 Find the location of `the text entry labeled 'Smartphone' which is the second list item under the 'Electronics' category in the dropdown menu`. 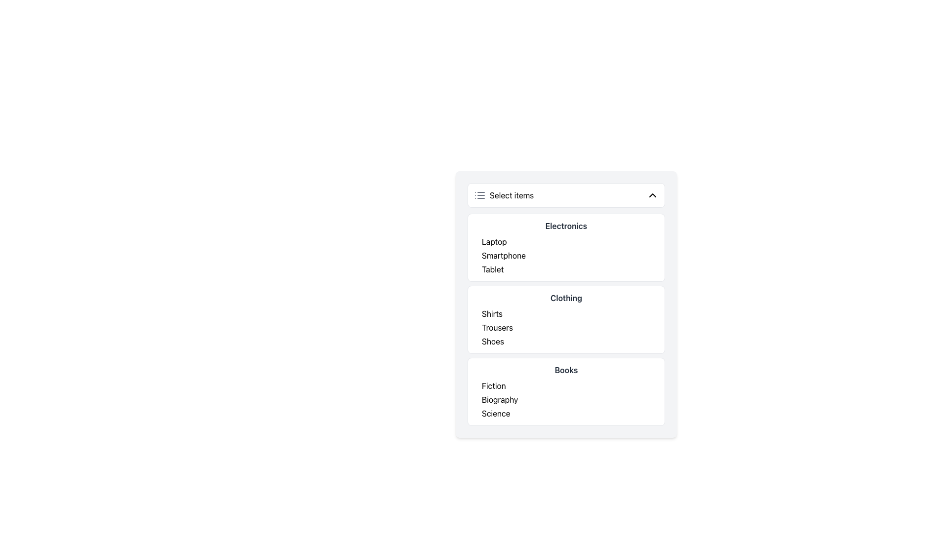

the text entry labeled 'Smartphone' which is the second list item under the 'Electronics' category in the dropdown menu is located at coordinates (504, 255).